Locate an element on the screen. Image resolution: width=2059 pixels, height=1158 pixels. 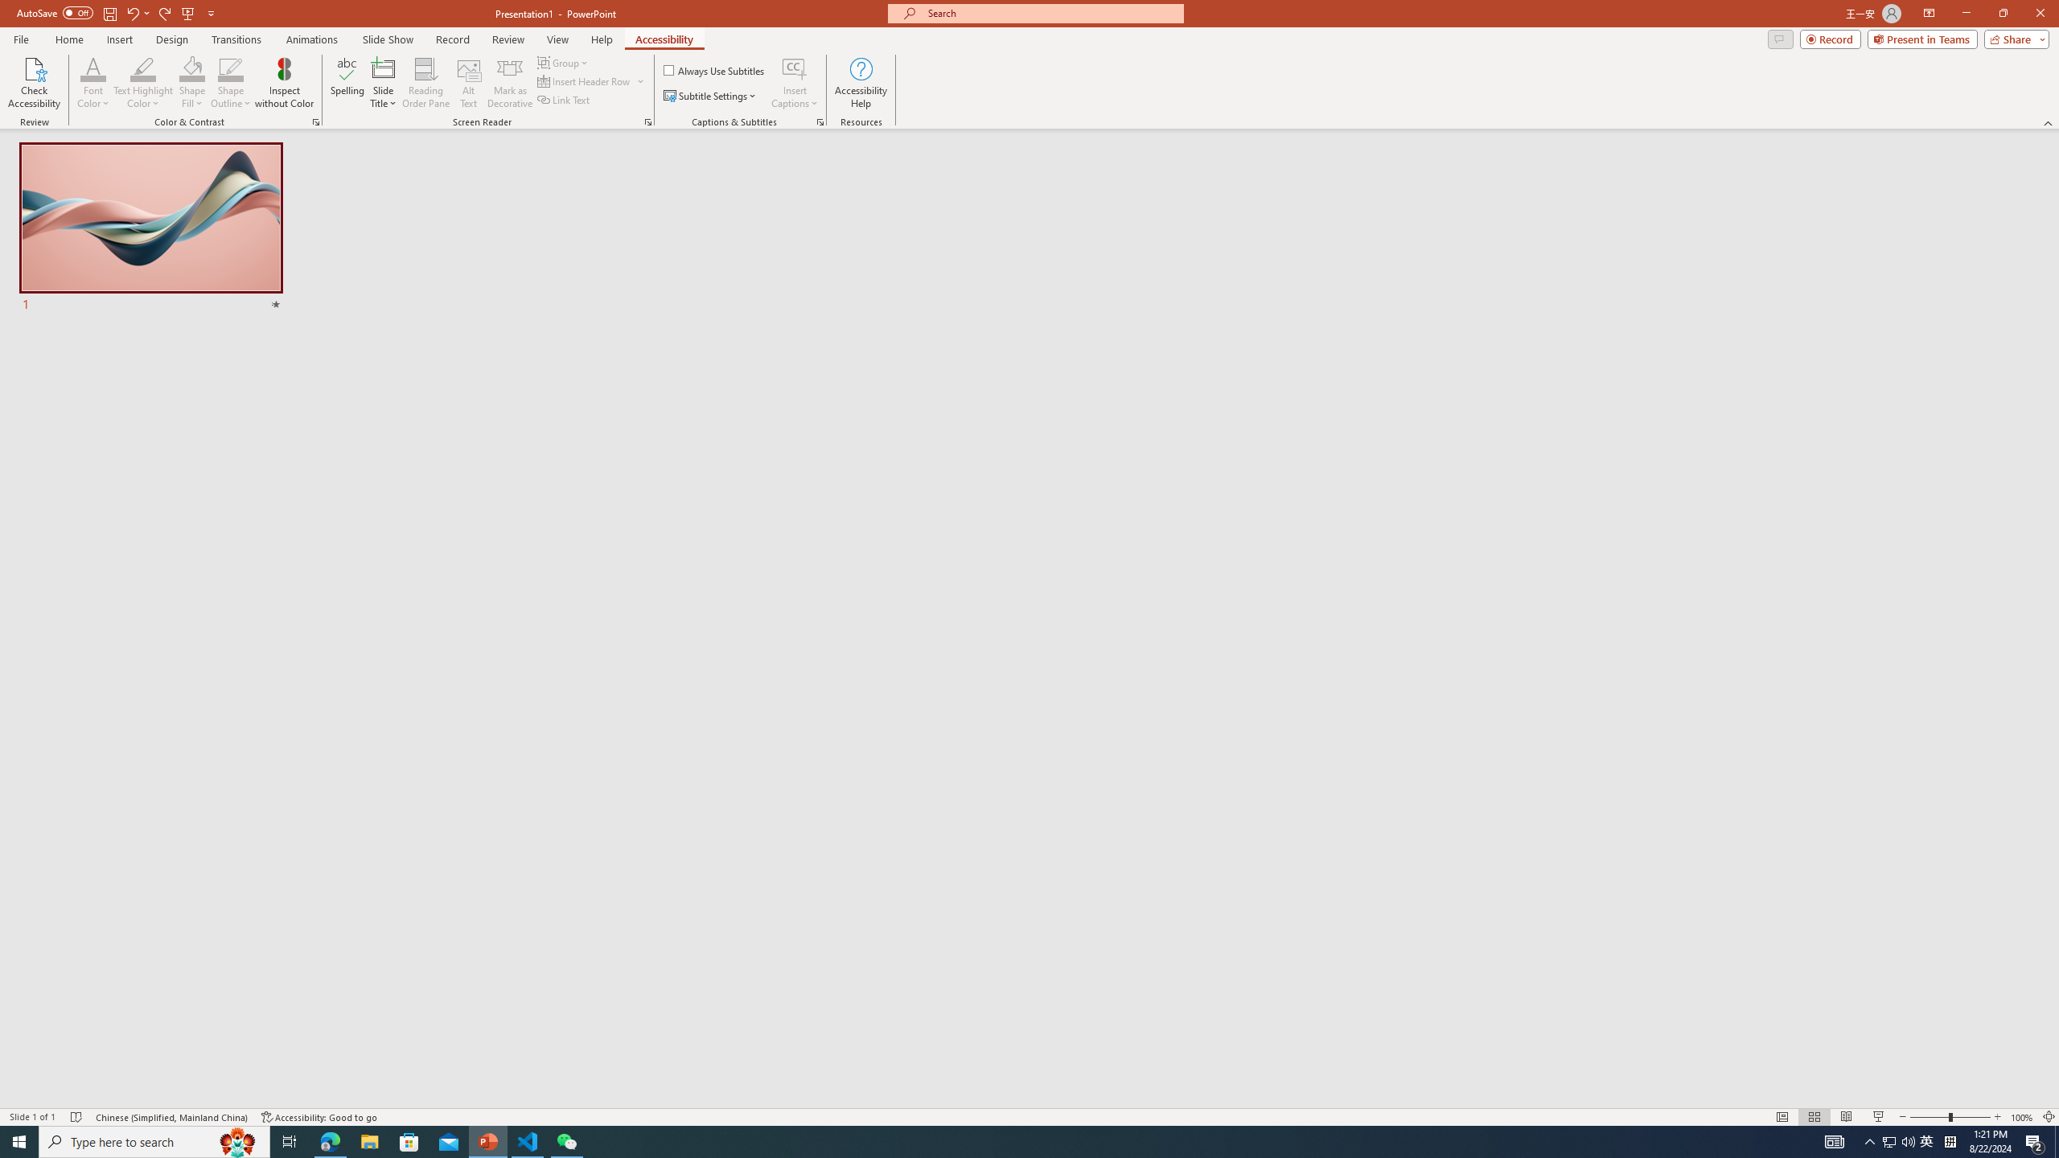
'Shape Outline Blue, Accent 1' is located at coordinates (232, 68).